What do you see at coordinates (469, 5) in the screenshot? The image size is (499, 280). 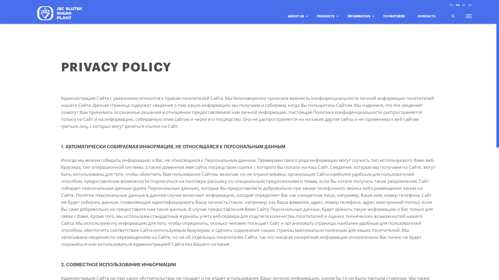 I see `'ZH'` at bounding box center [469, 5].